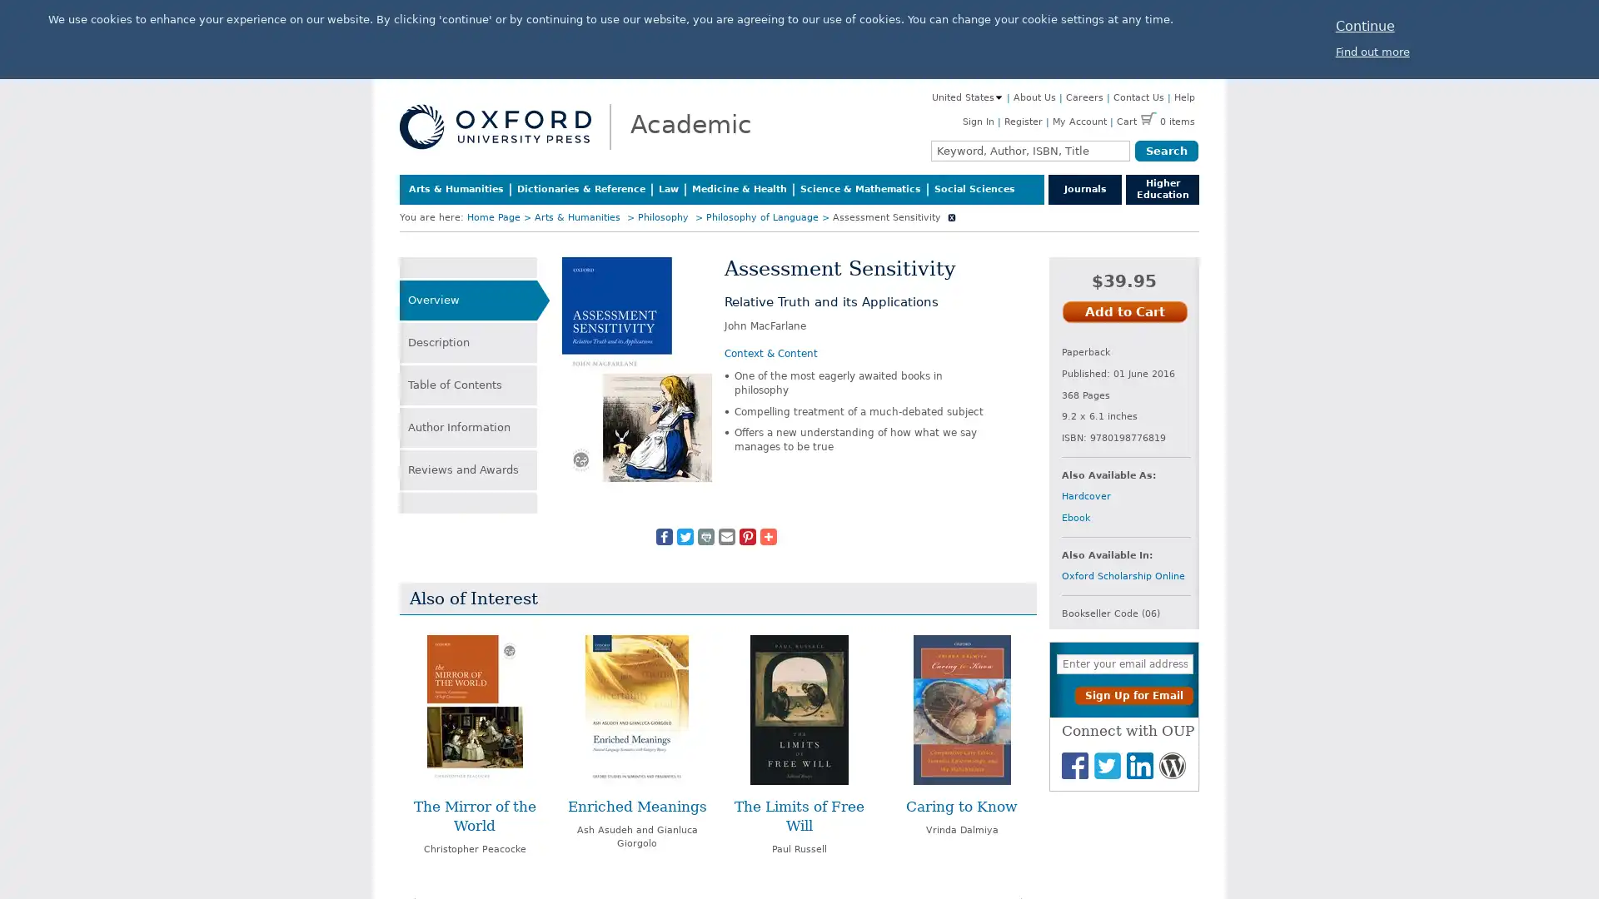 The image size is (1599, 899). Describe the element at coordinates (684, 536) in the screenshot. I see `Share to Twitter` at that location.